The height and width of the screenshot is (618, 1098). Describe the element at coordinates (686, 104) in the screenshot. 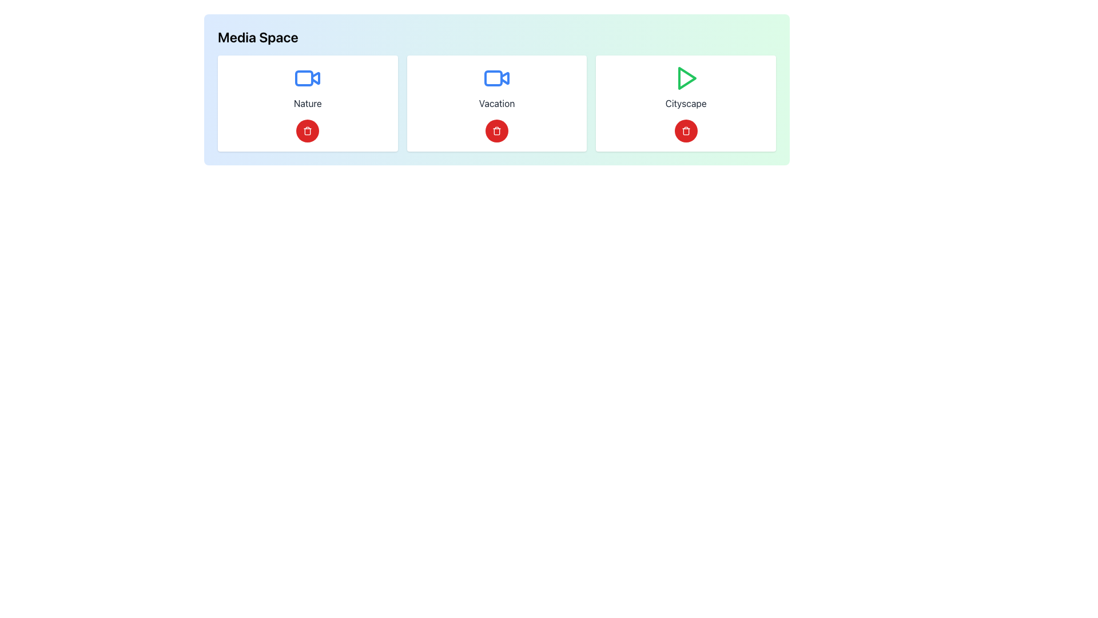

I see `the 'Cityscape' card component located in the grid layout` at that location.